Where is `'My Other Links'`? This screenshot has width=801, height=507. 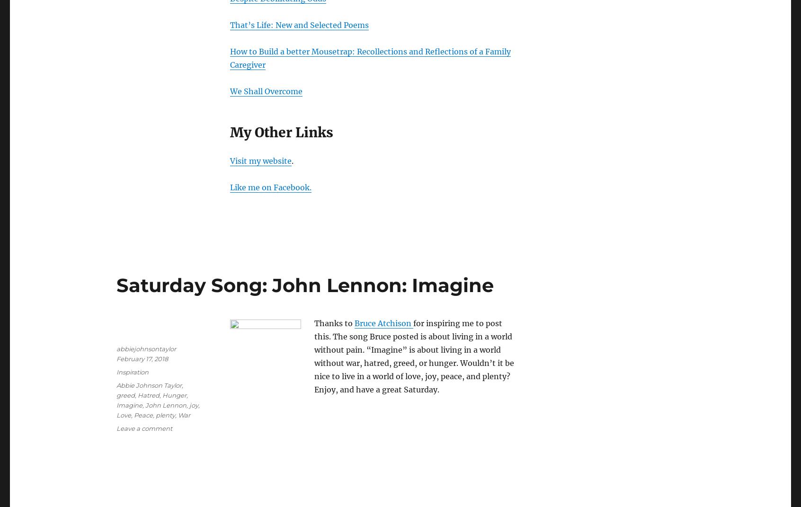
'My Other Links' is located at coordinates (229, 132).